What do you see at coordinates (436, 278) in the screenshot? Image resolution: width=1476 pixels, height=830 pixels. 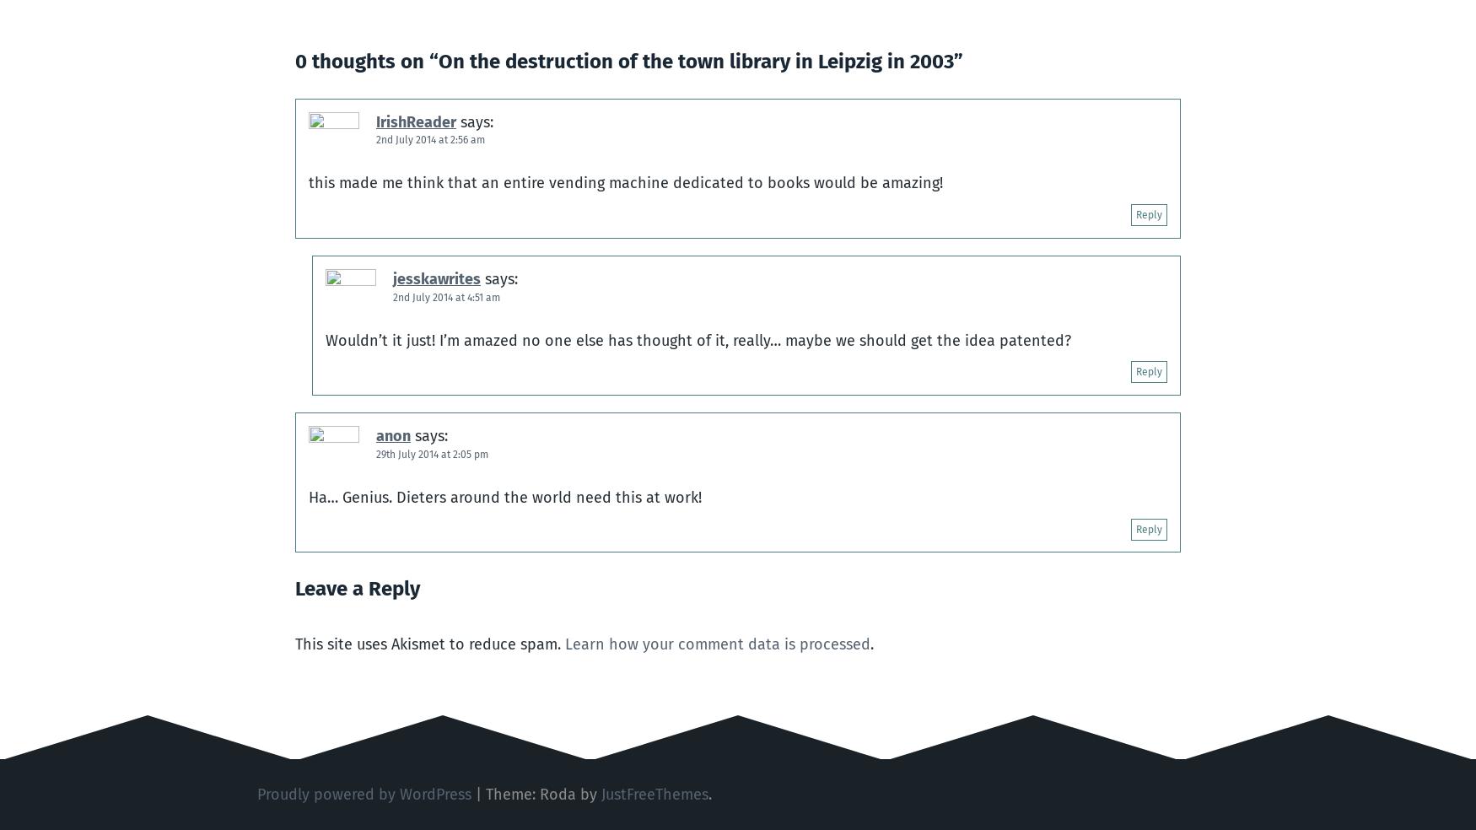 I see `'jesskawrites'` at bounding box center [436, 278].